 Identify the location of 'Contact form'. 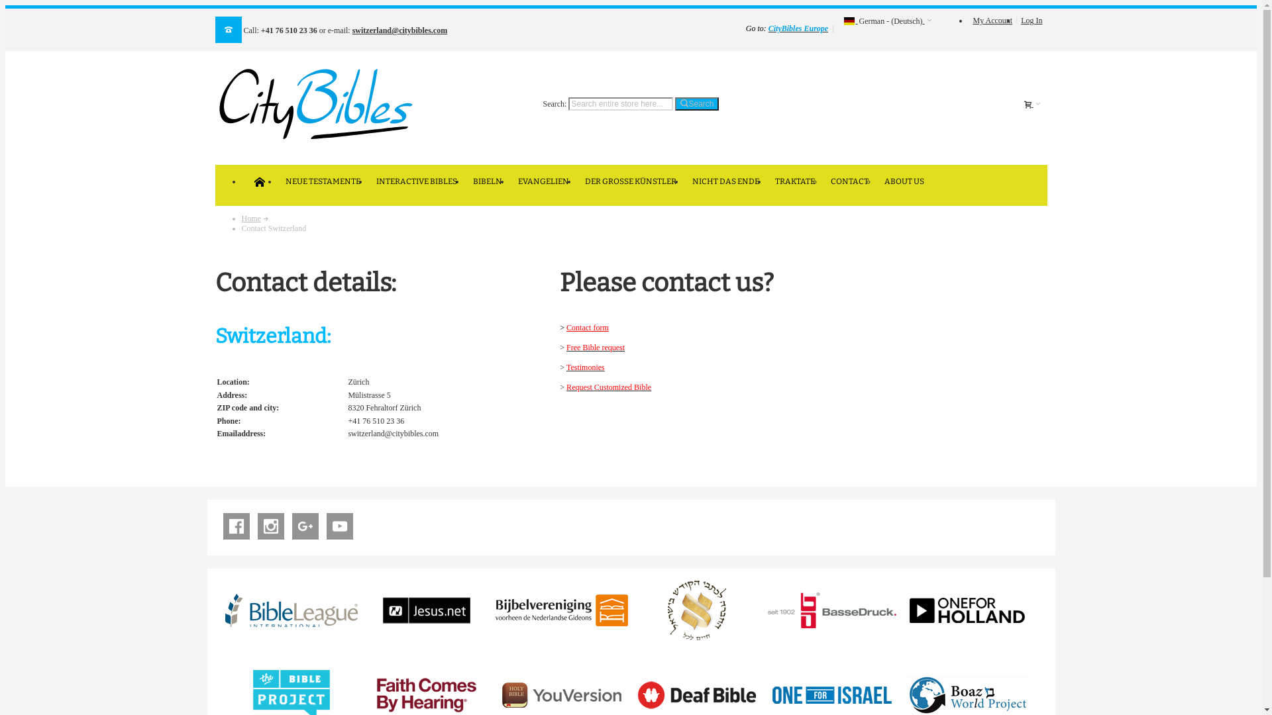
(566, 332).